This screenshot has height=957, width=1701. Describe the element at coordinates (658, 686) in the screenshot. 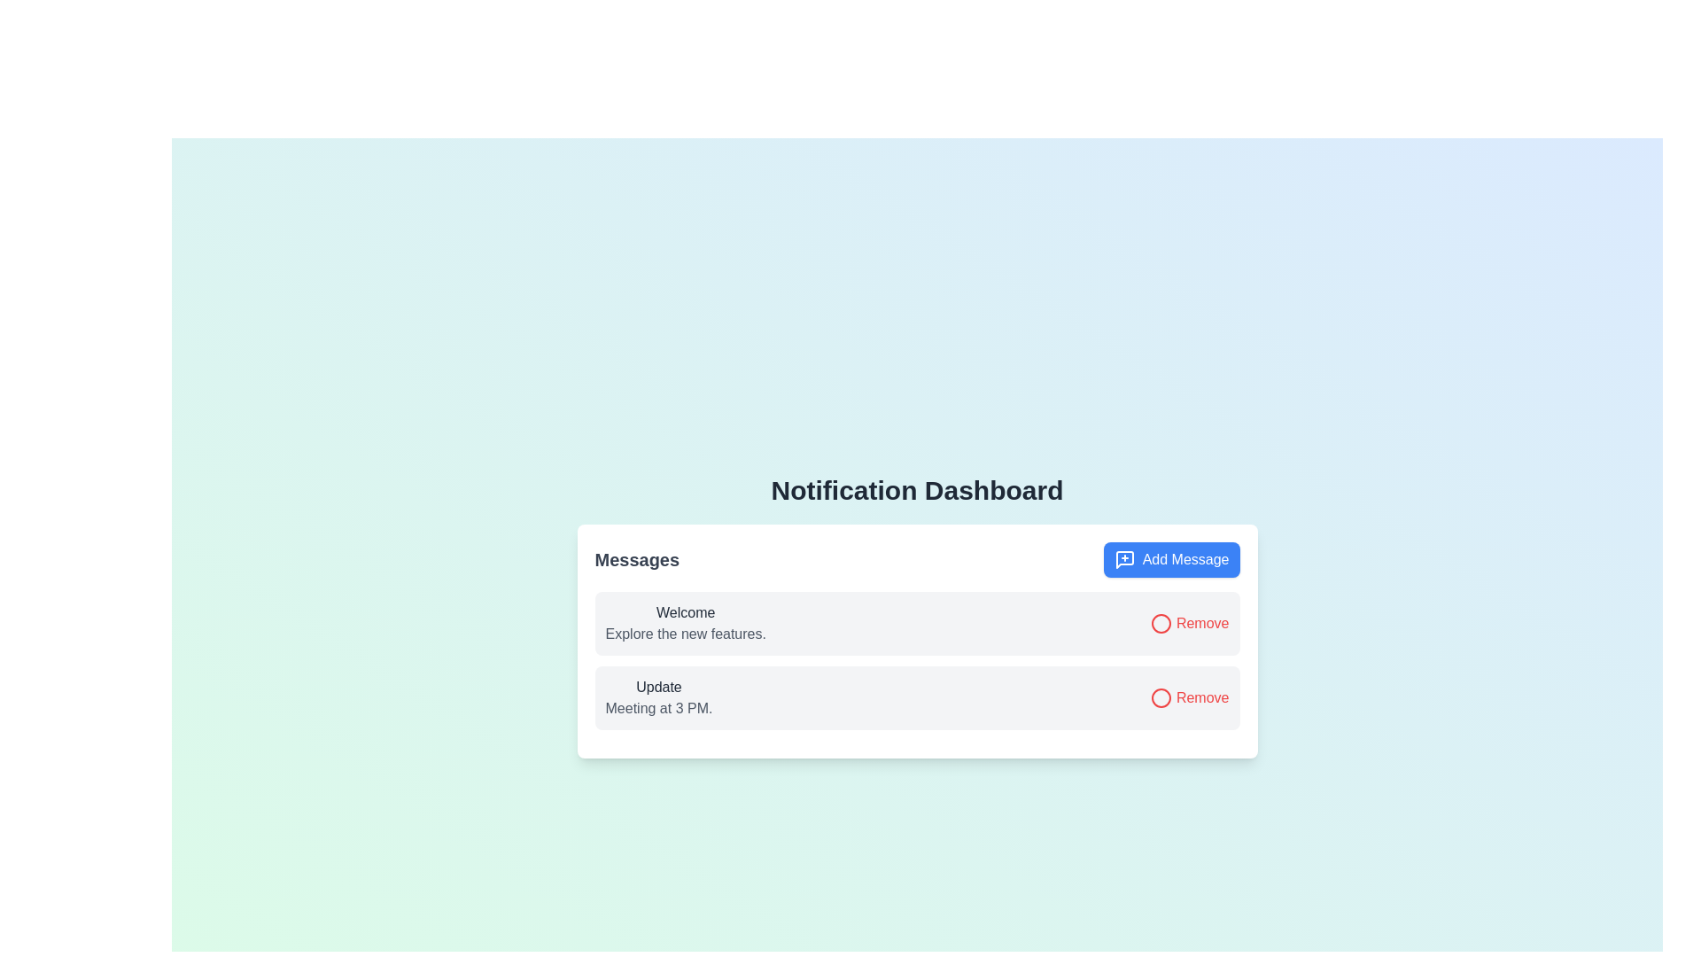

I see `the text label located in the middle-left section of the notification message, which serves as a title for the message` at that location.